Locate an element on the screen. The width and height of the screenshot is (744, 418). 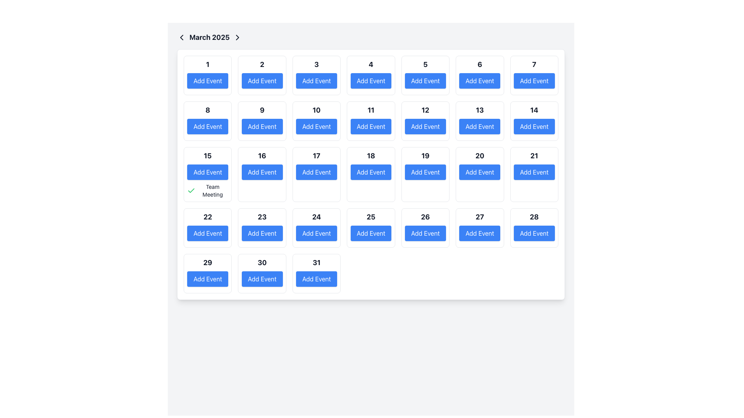
the 'Add Event' button located within the calendar grid layout below the date '23' is located at coordinates (262, 233).